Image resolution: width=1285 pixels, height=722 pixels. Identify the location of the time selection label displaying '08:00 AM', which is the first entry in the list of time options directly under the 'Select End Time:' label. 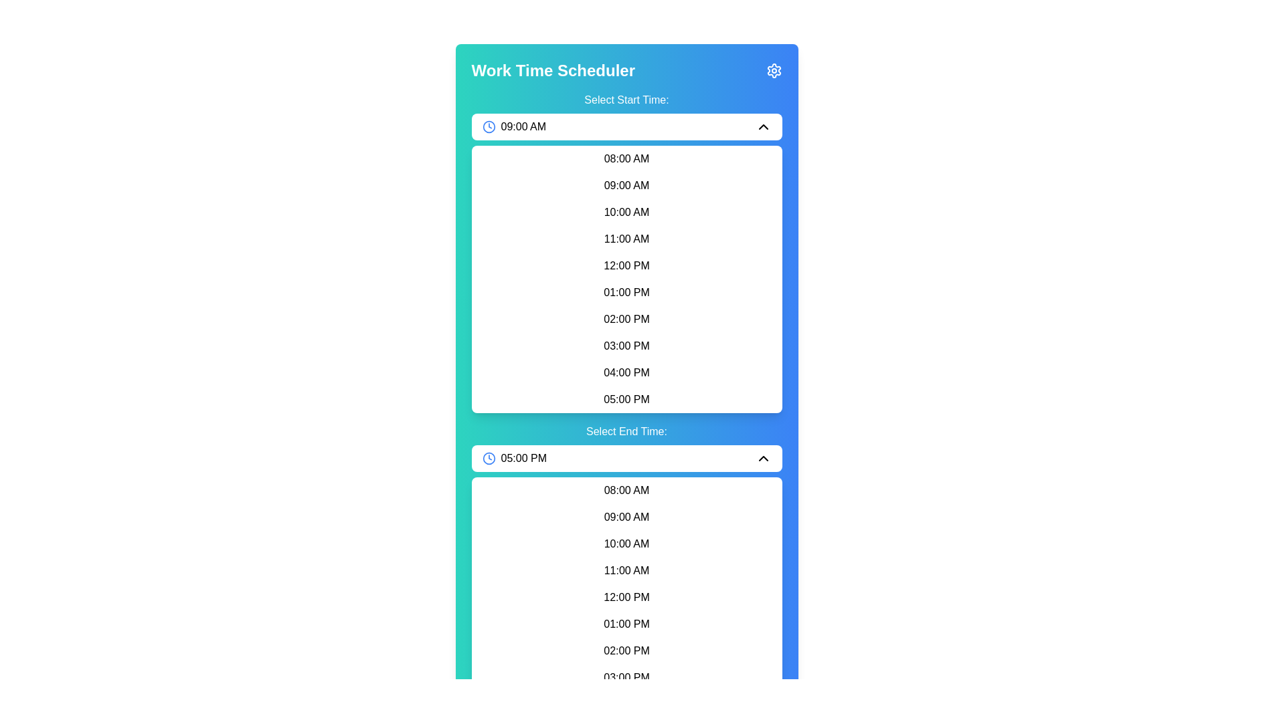
(626, 490).